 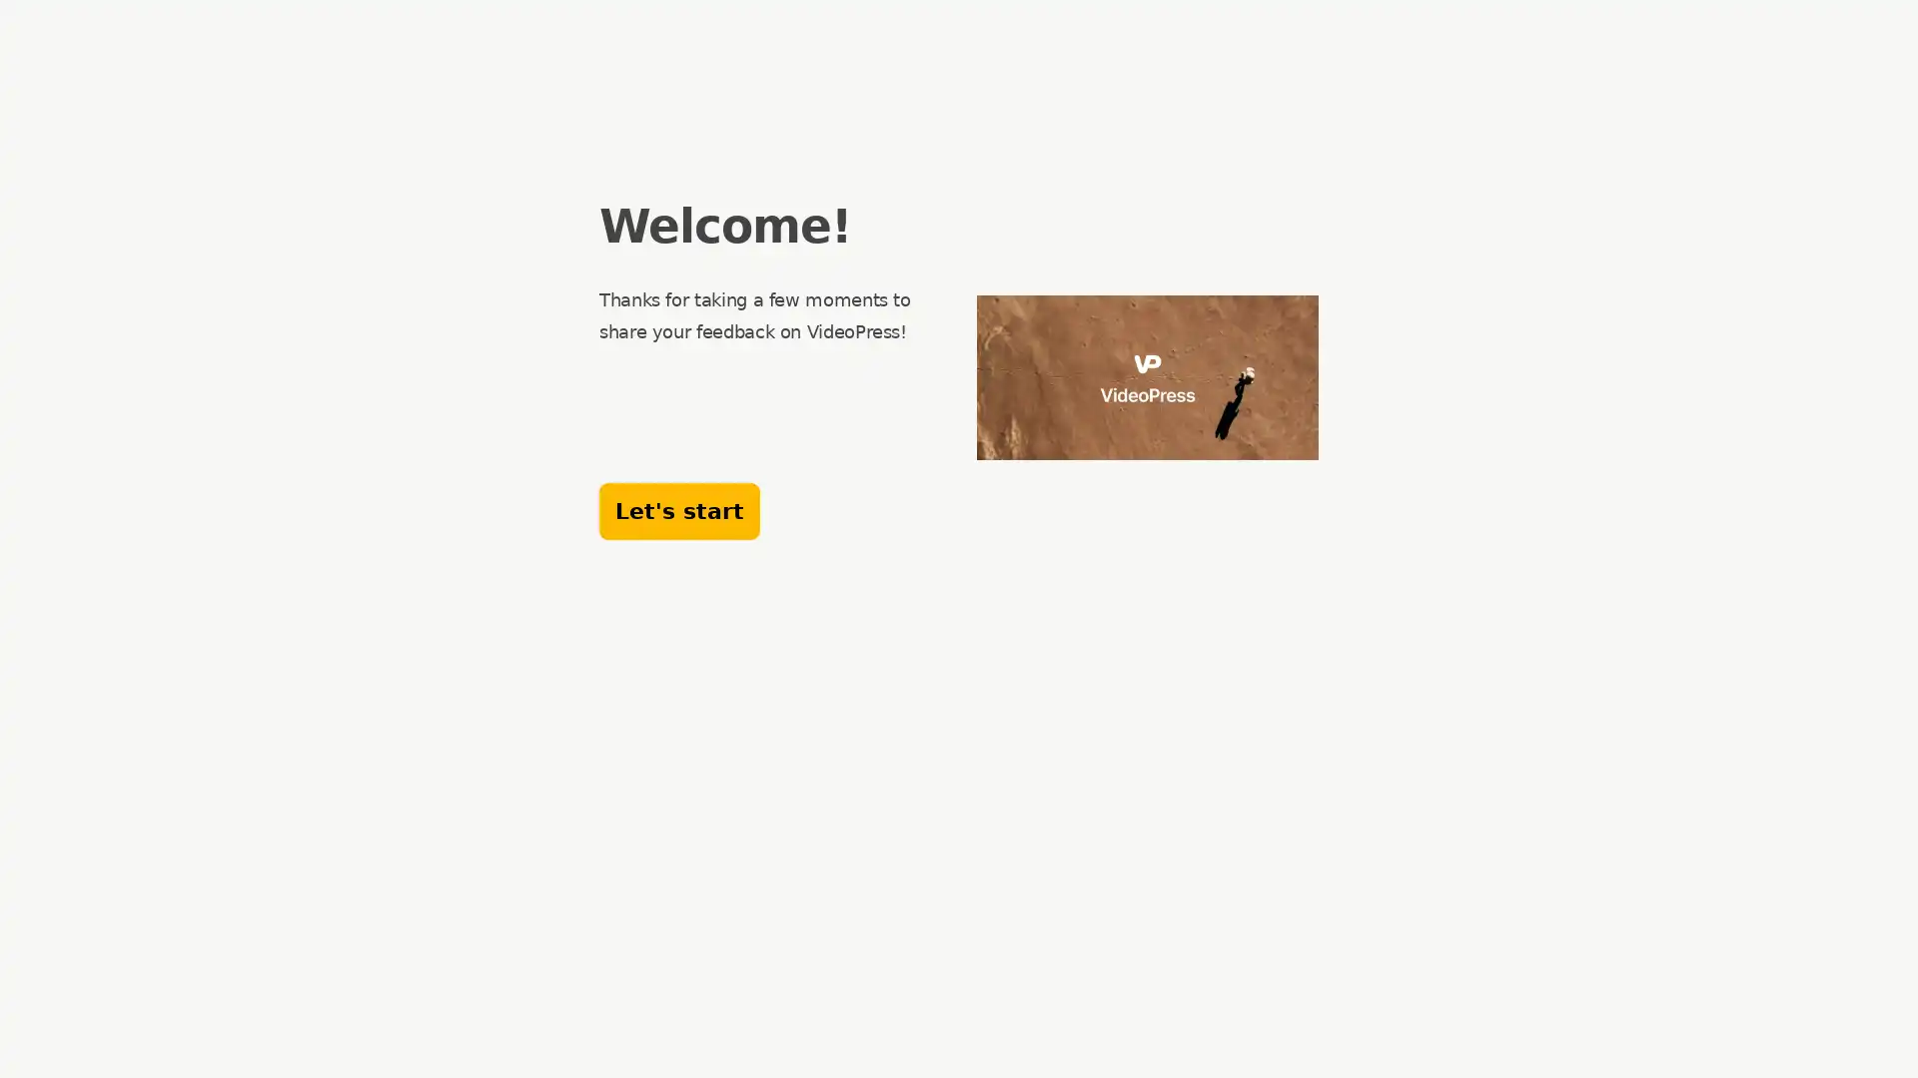 What do you see at coordinates (679, 510) in the screenshot?
I see `Let's start` at bounding box center [679, 510].